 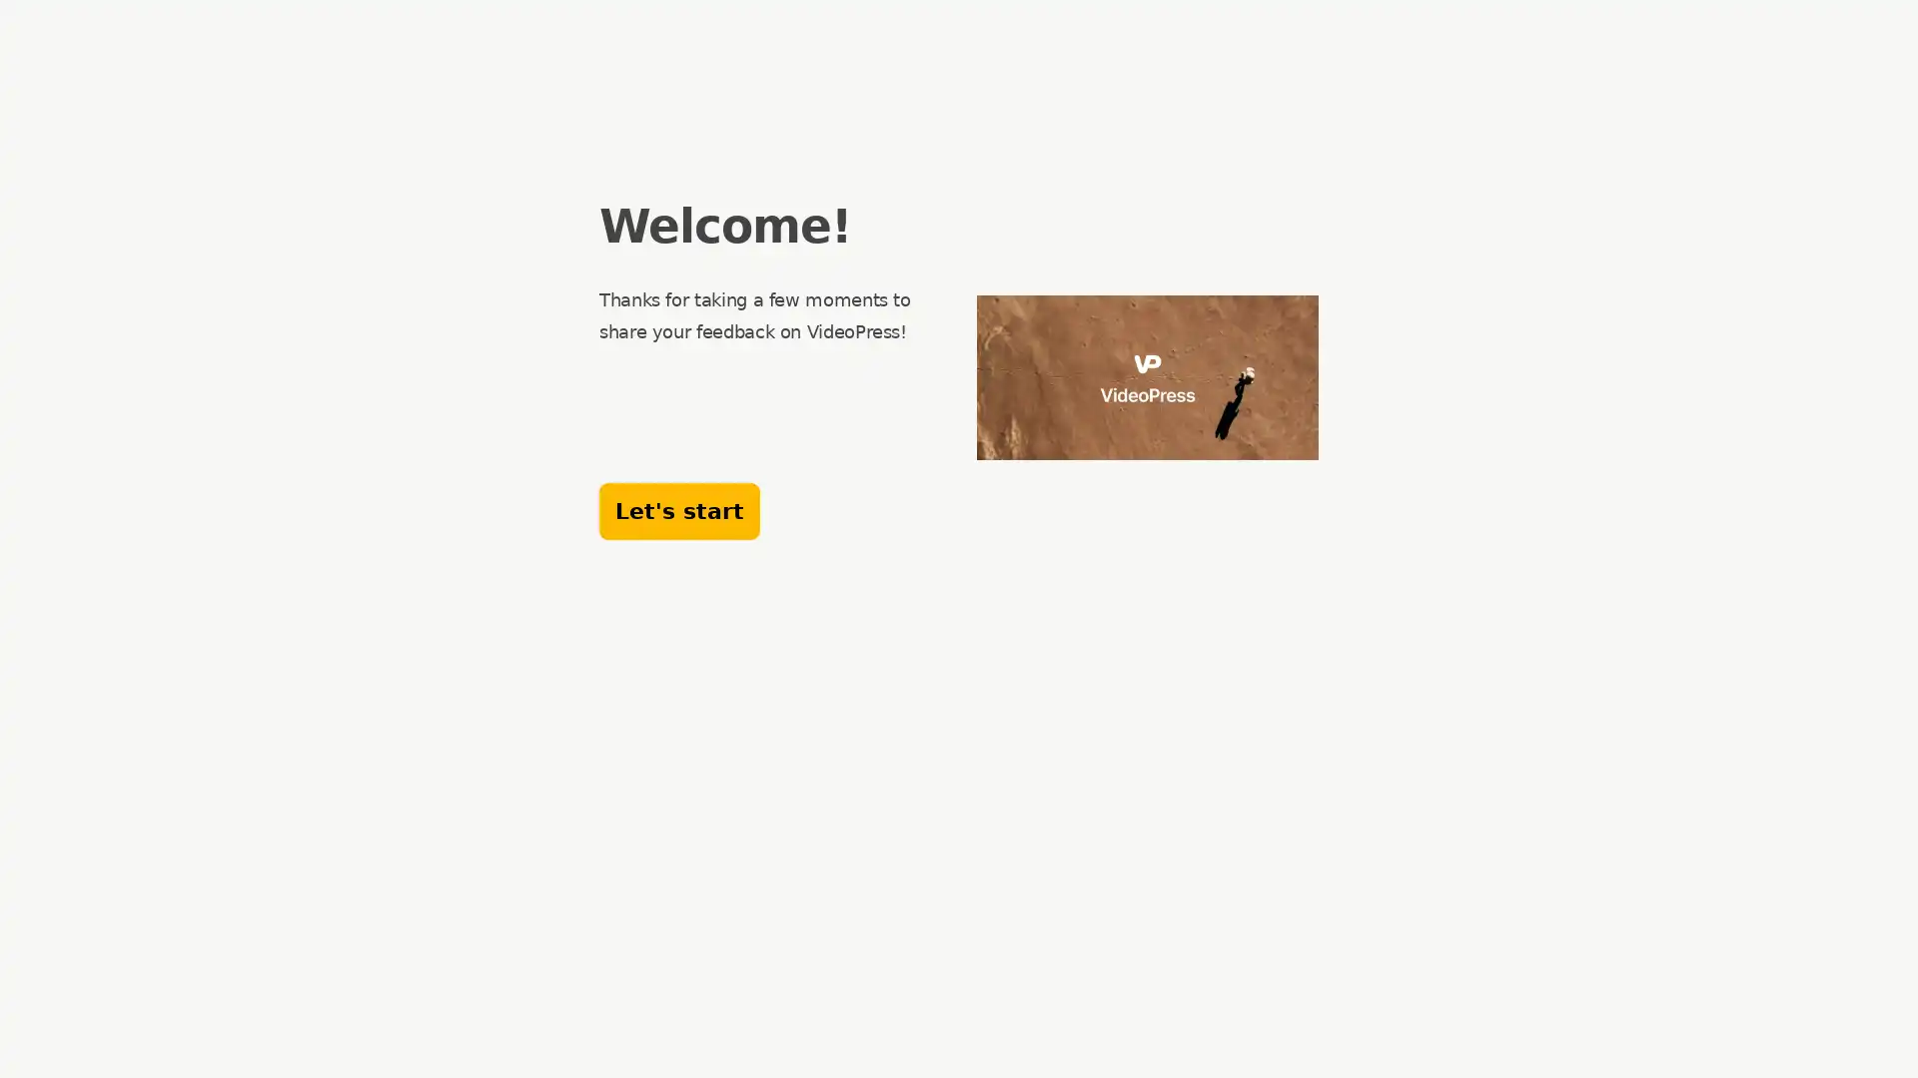 What do you see at coordinates (679, 510) in the screenshot?
I see `Let's start` at bounding box center [679, 510].